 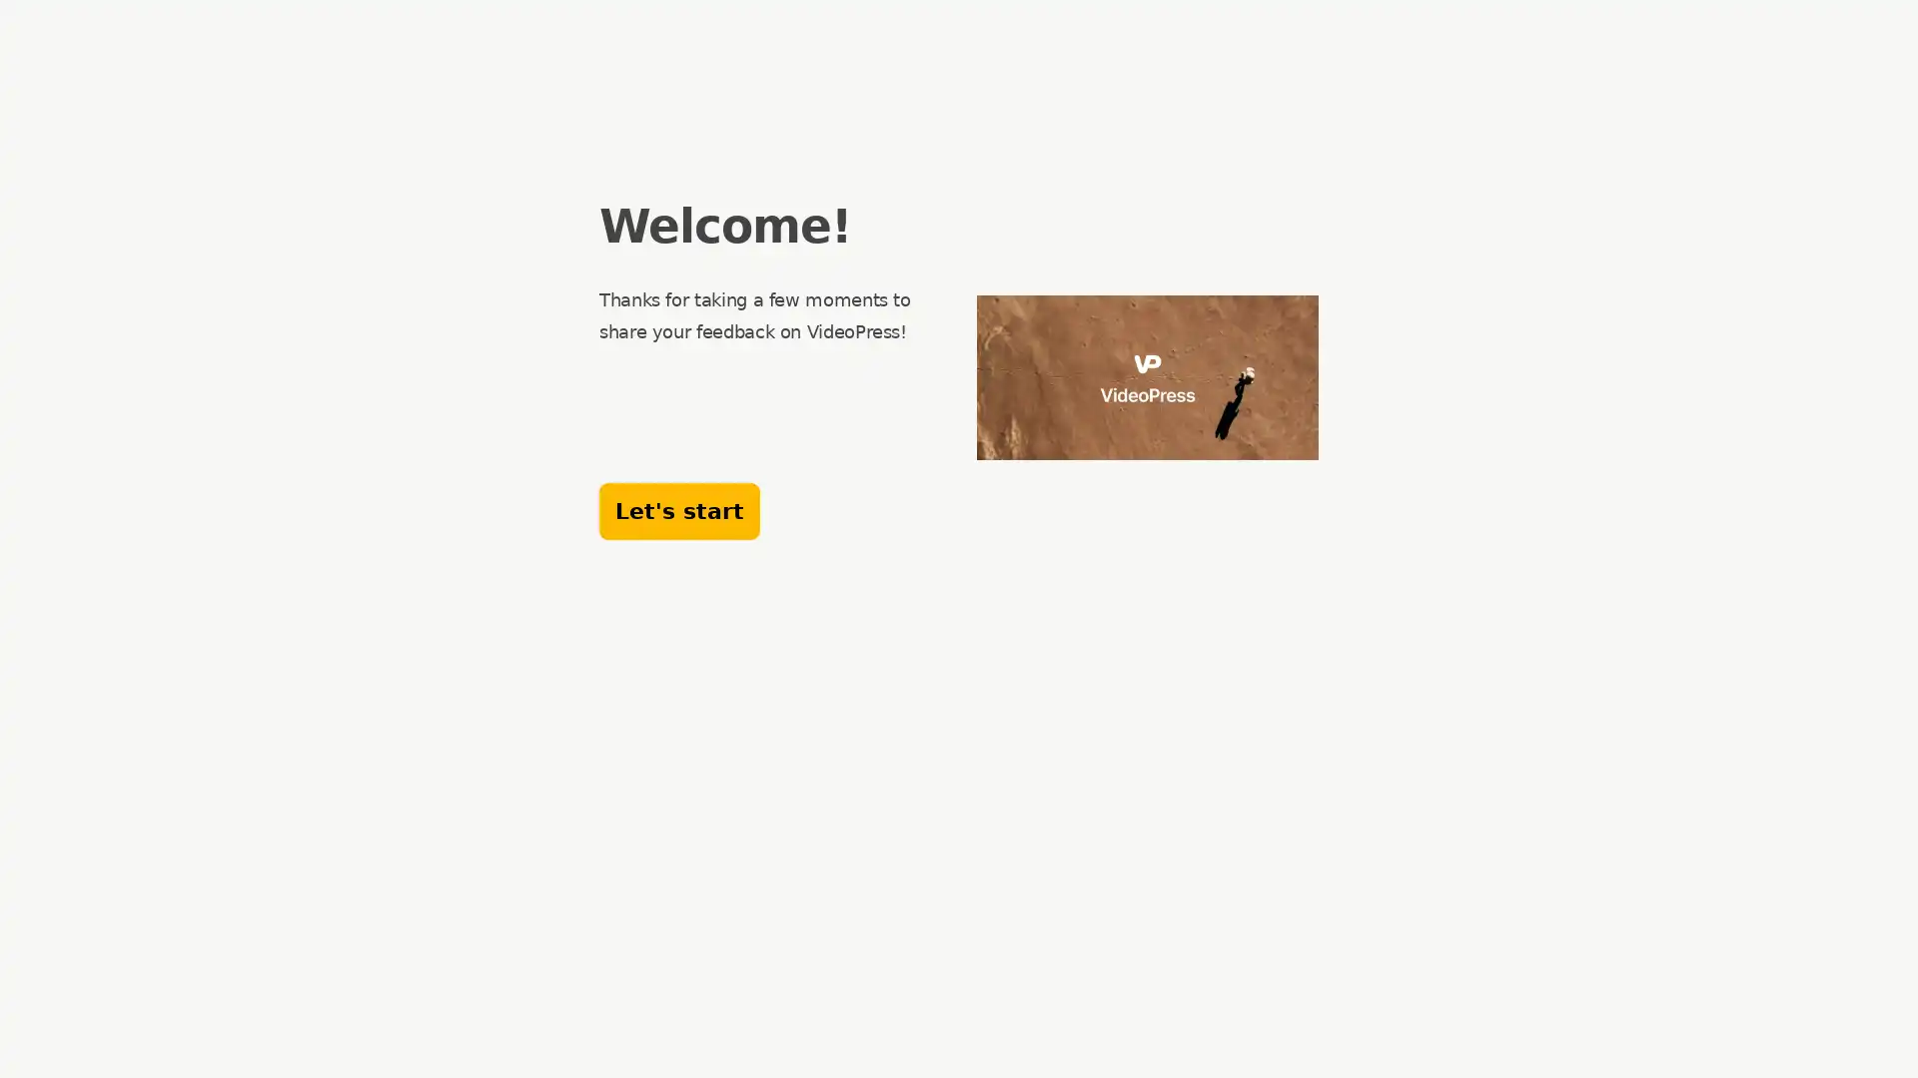 What do you see at coordinates (679, 510) in the screenshot?
I see `Let's start` at bounding box center [679, 510].